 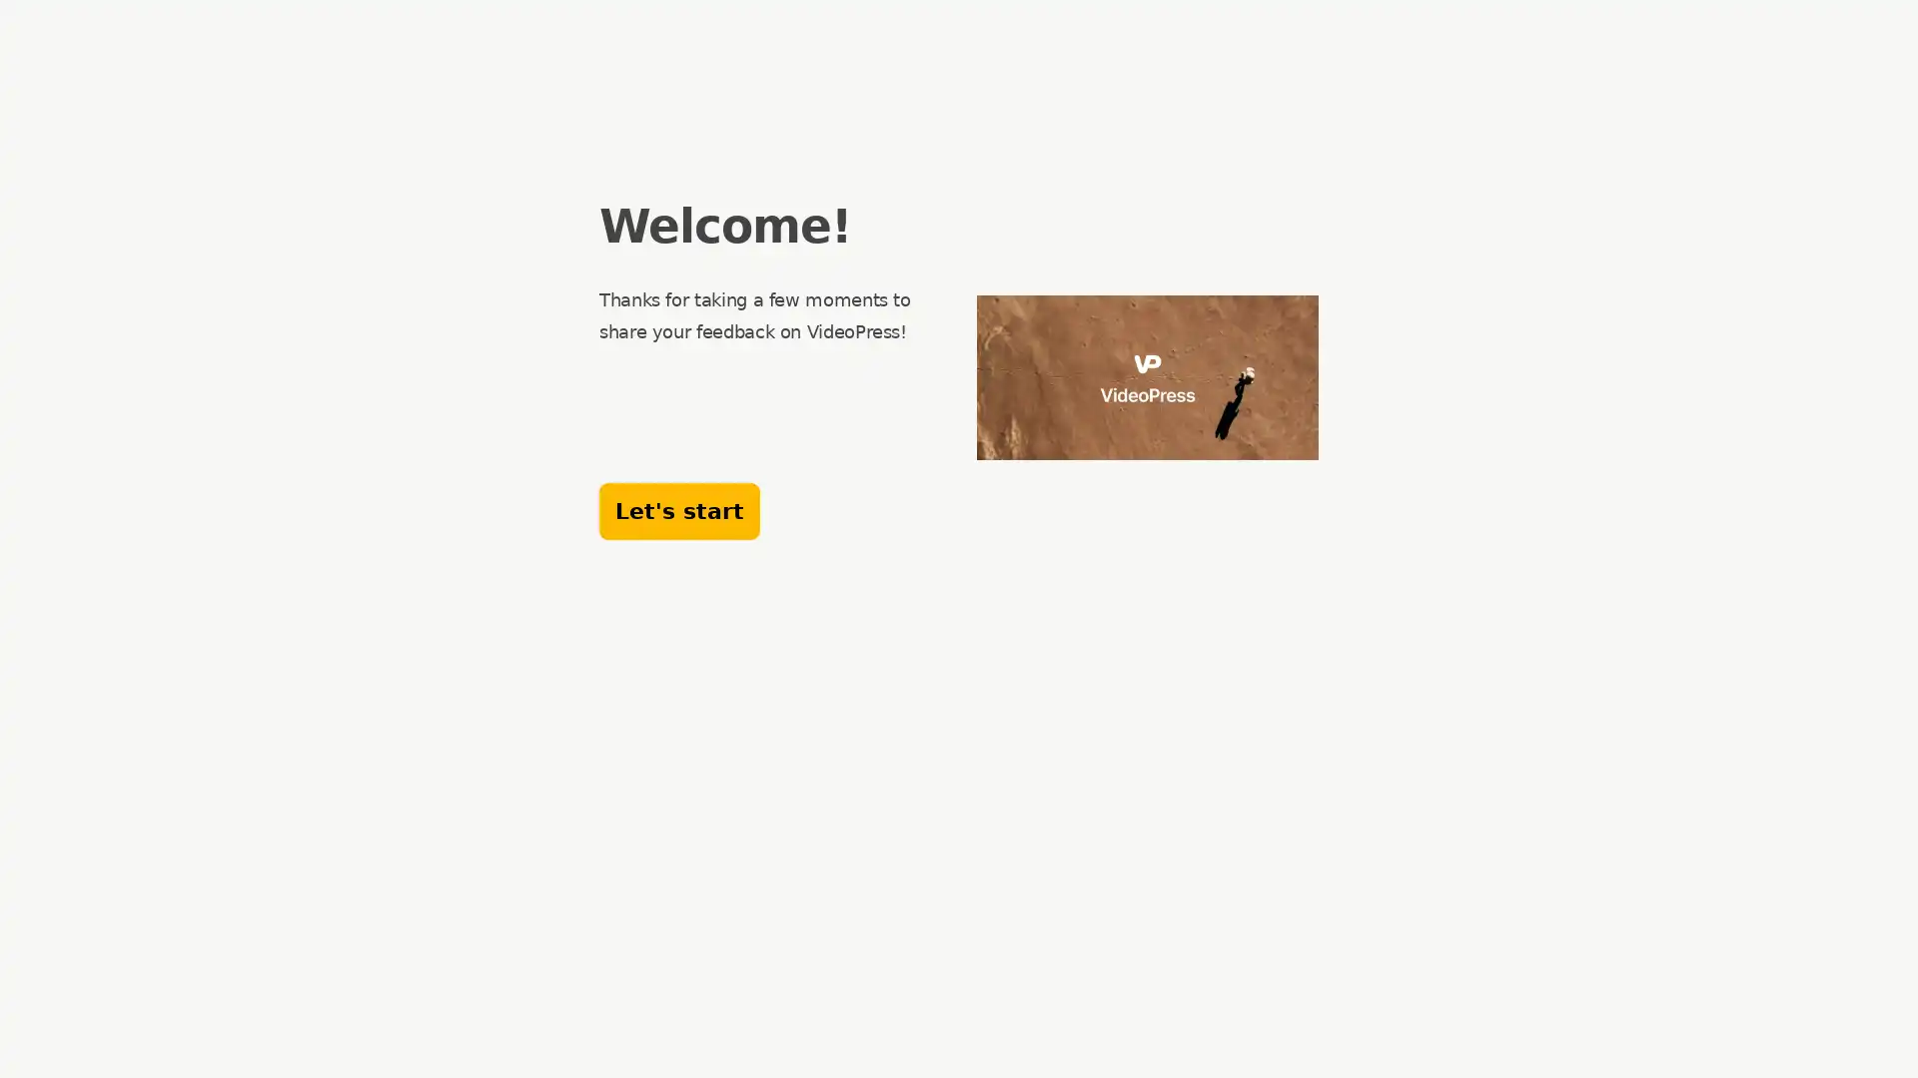 What do you see at coordinates (679, 510) in the screenshot?
I see `Let's start` at bounding box center [679, 510].